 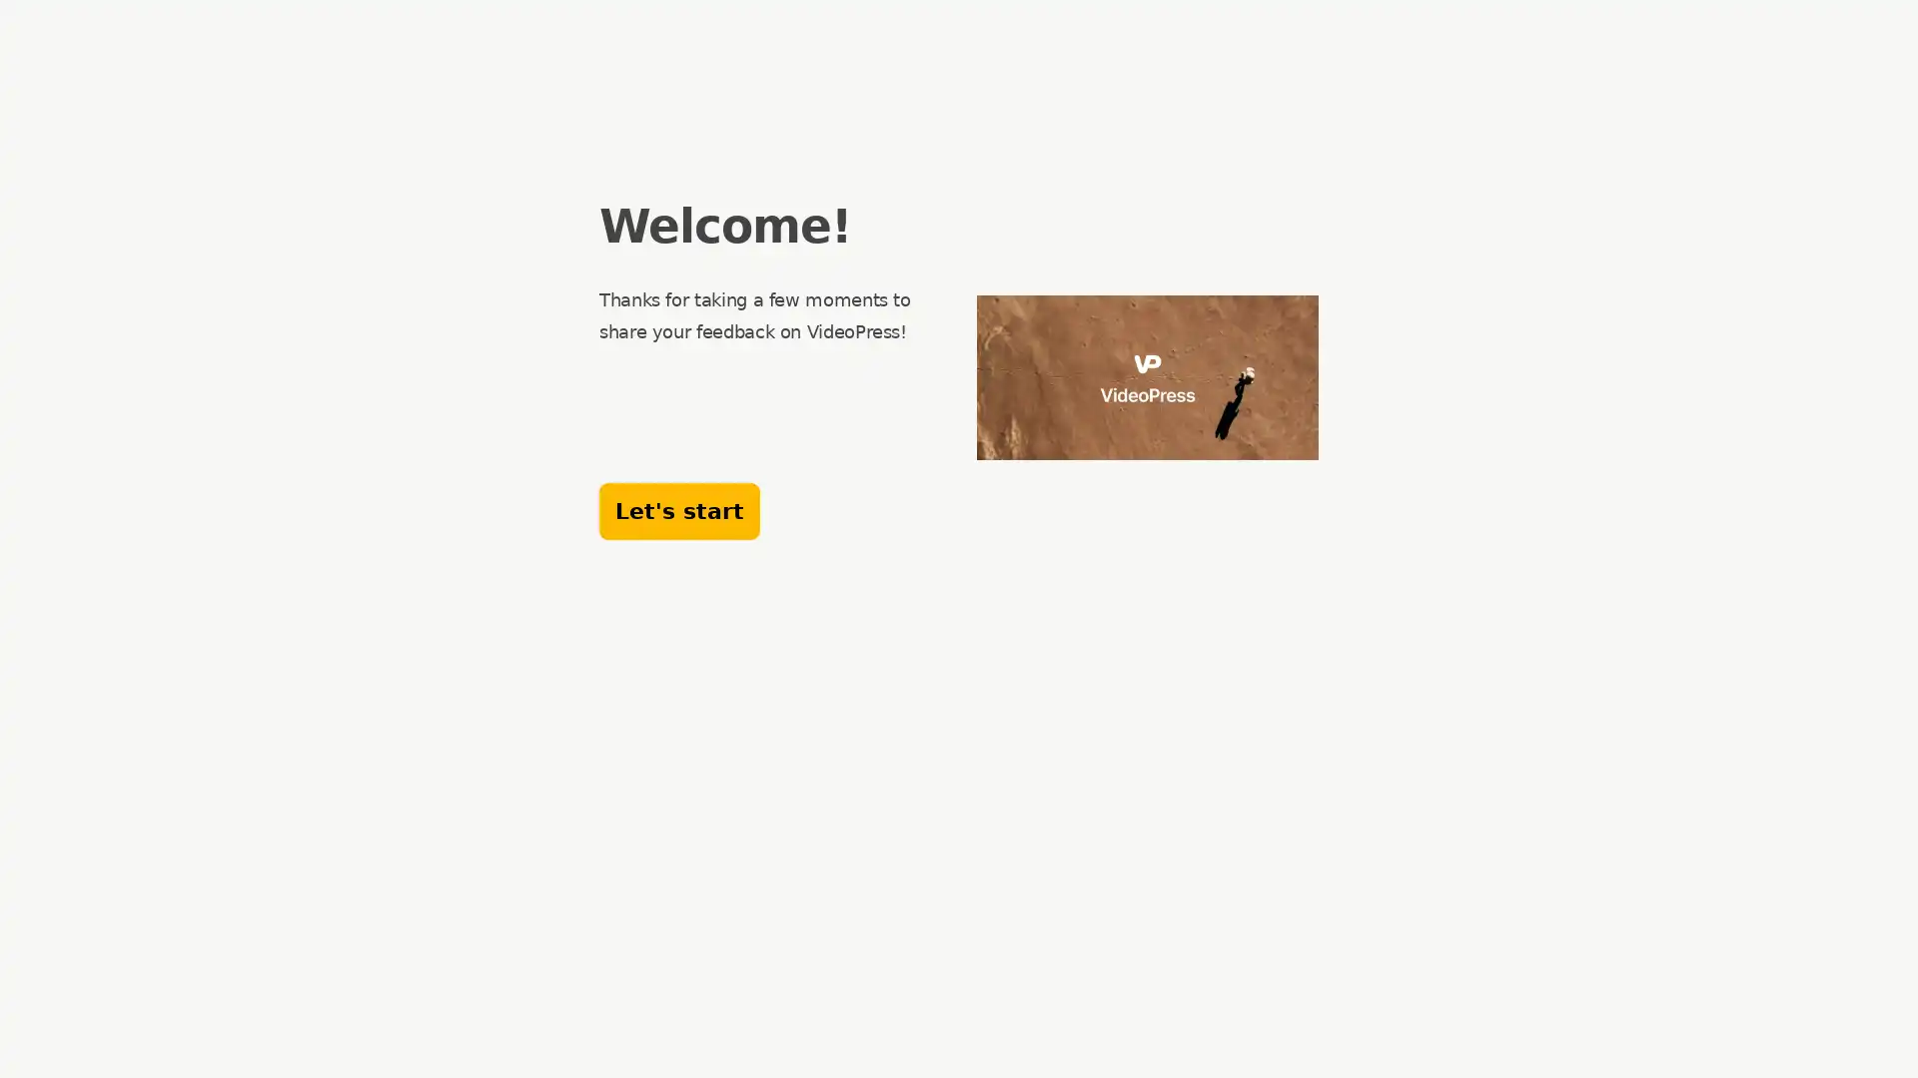 What do you see at coordinates (679, 510) in the screenshot?
I see `Let's start` at bounding box center [679, 510].